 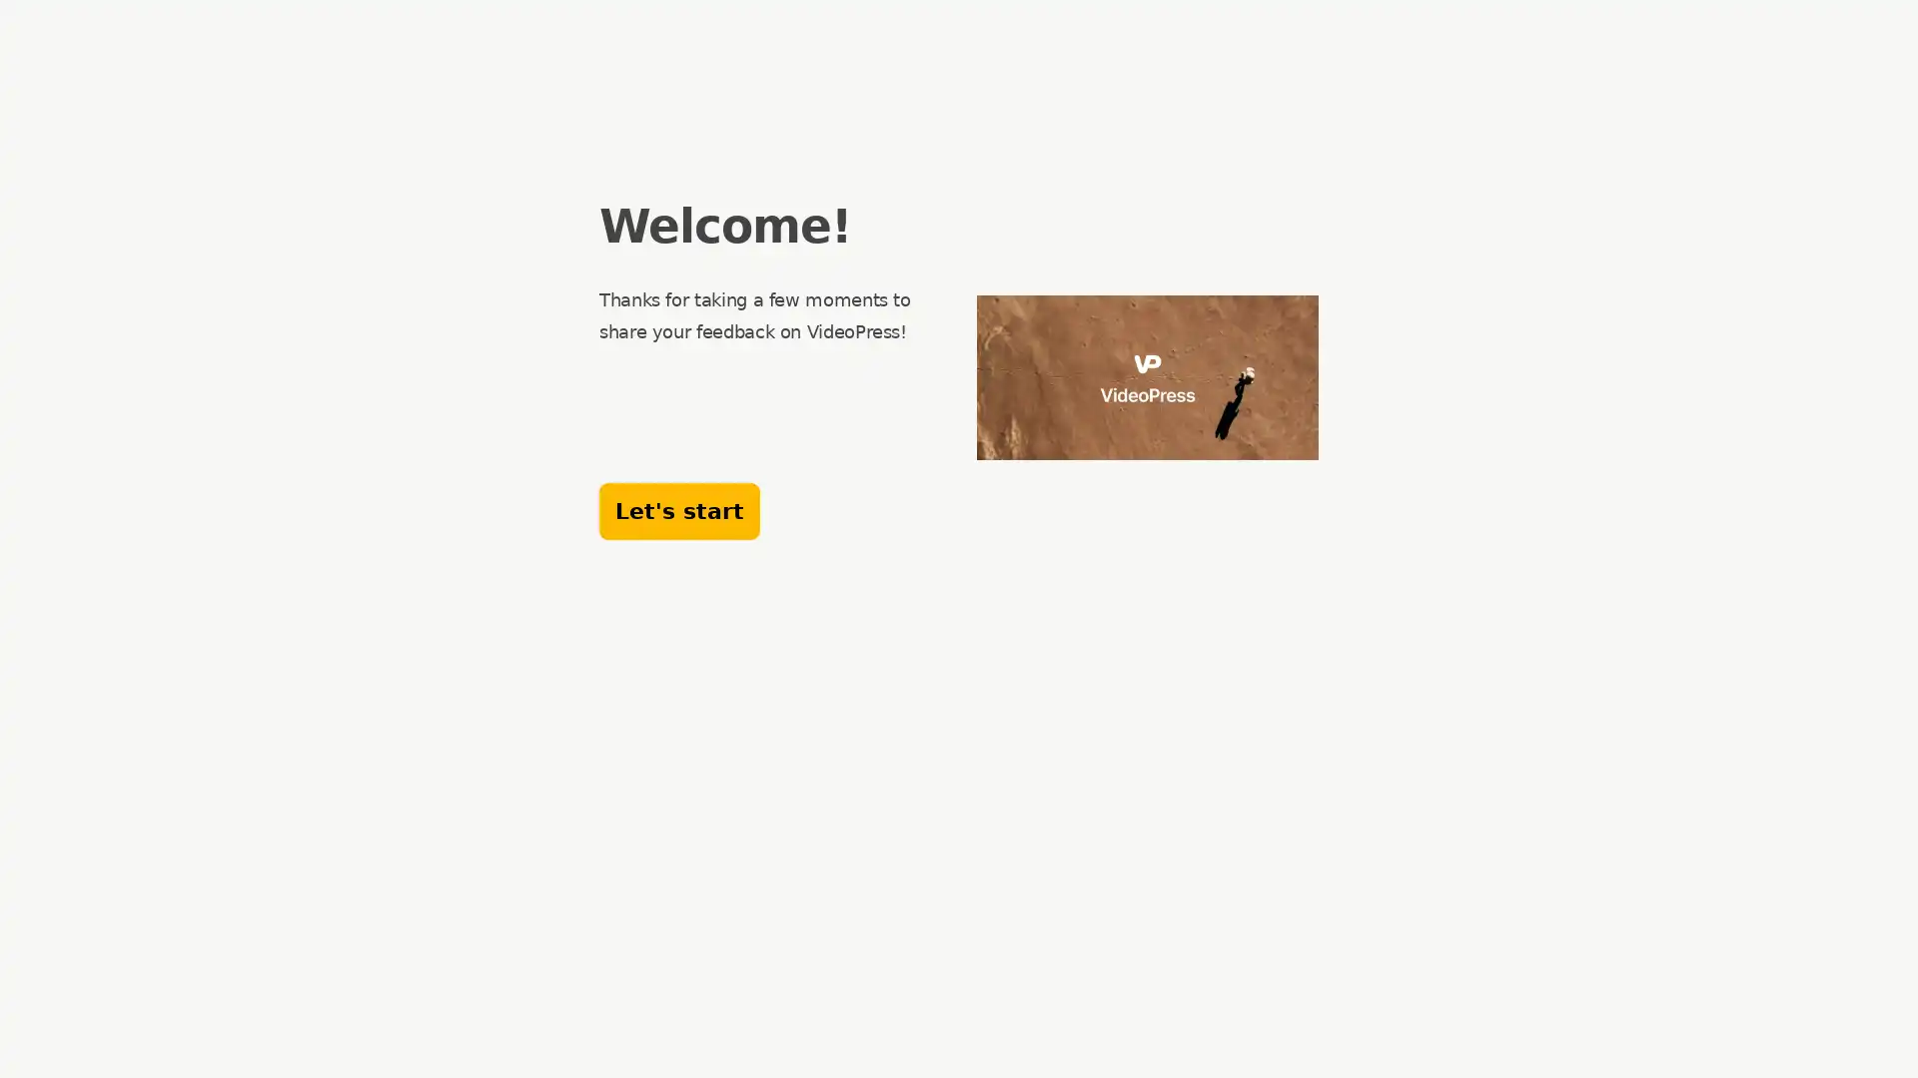 What do you see at coordinates (679, 510) in the screenshot?
I see `Let's start` at bounding box center [679, 510].